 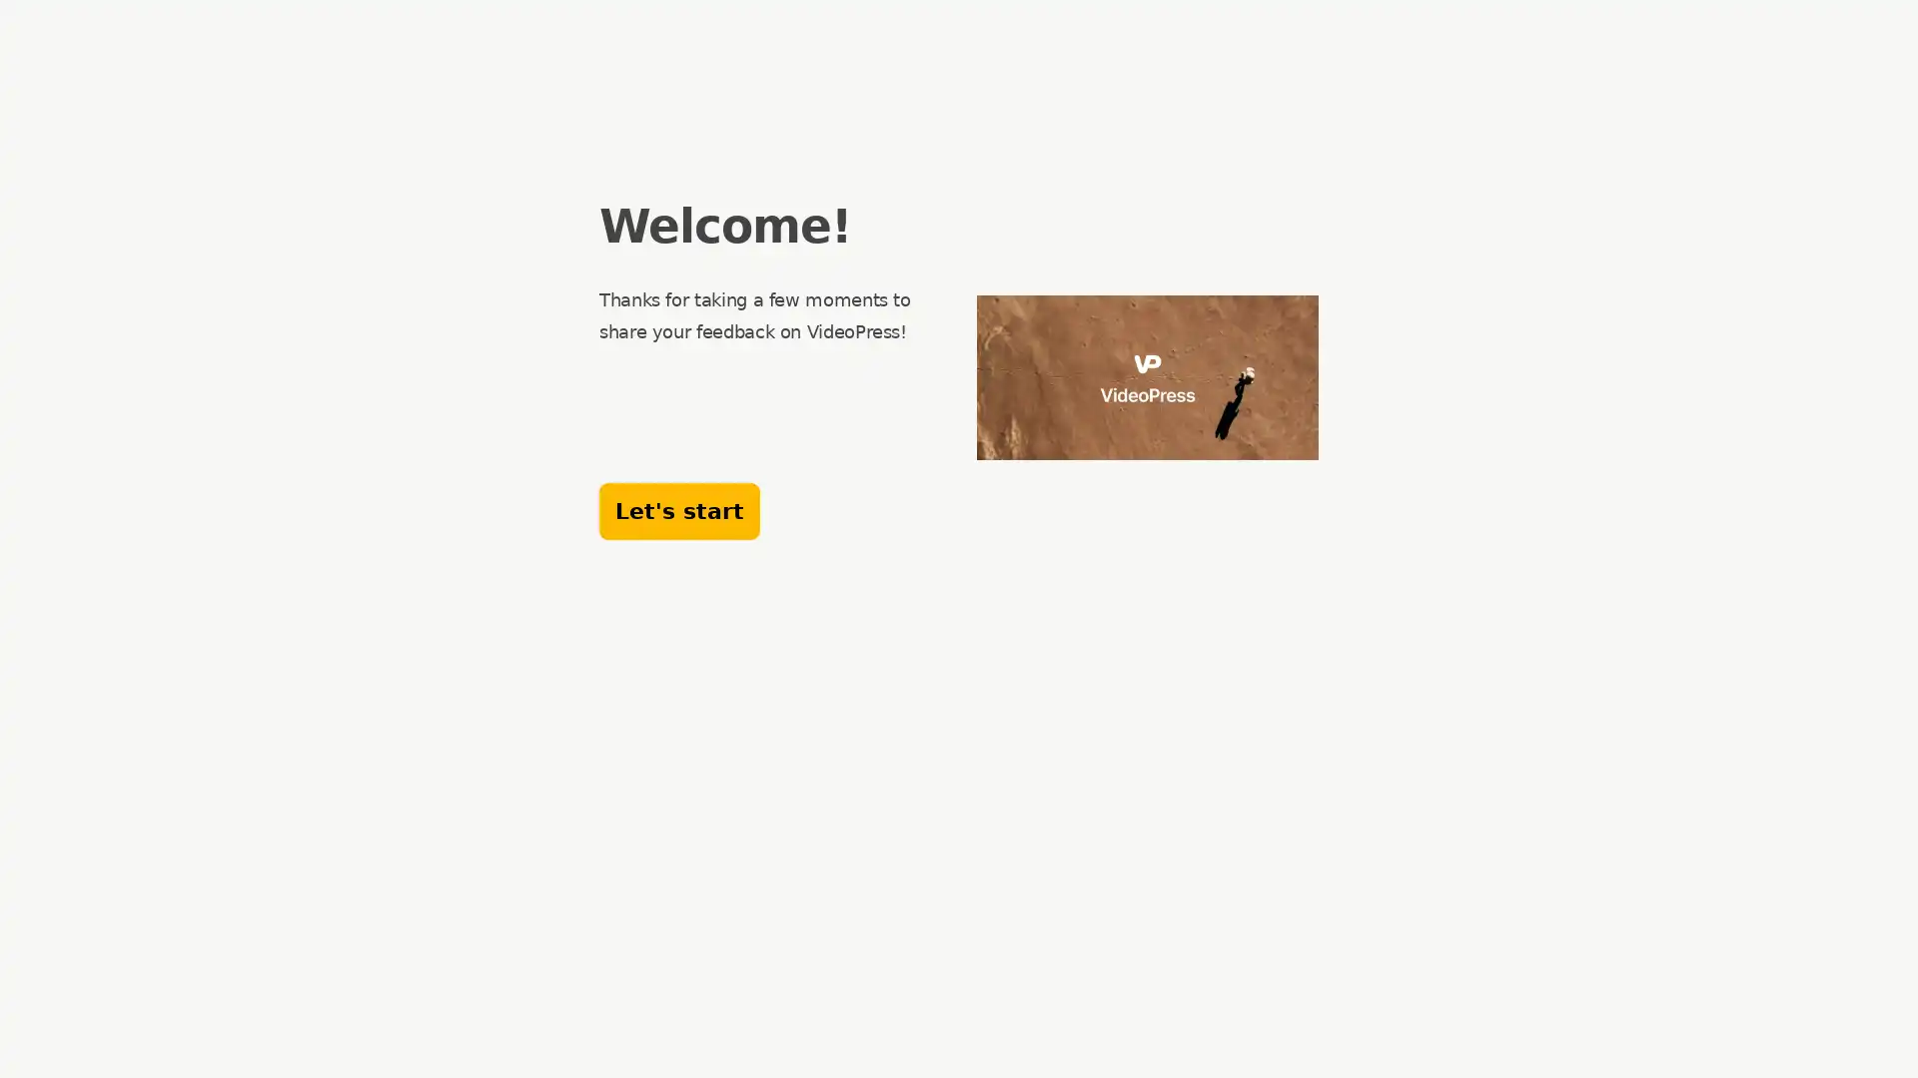 What do you see at coordinates (679, 510) in the screenshot?
I see `Let's start` at bounding box center [679, 510].